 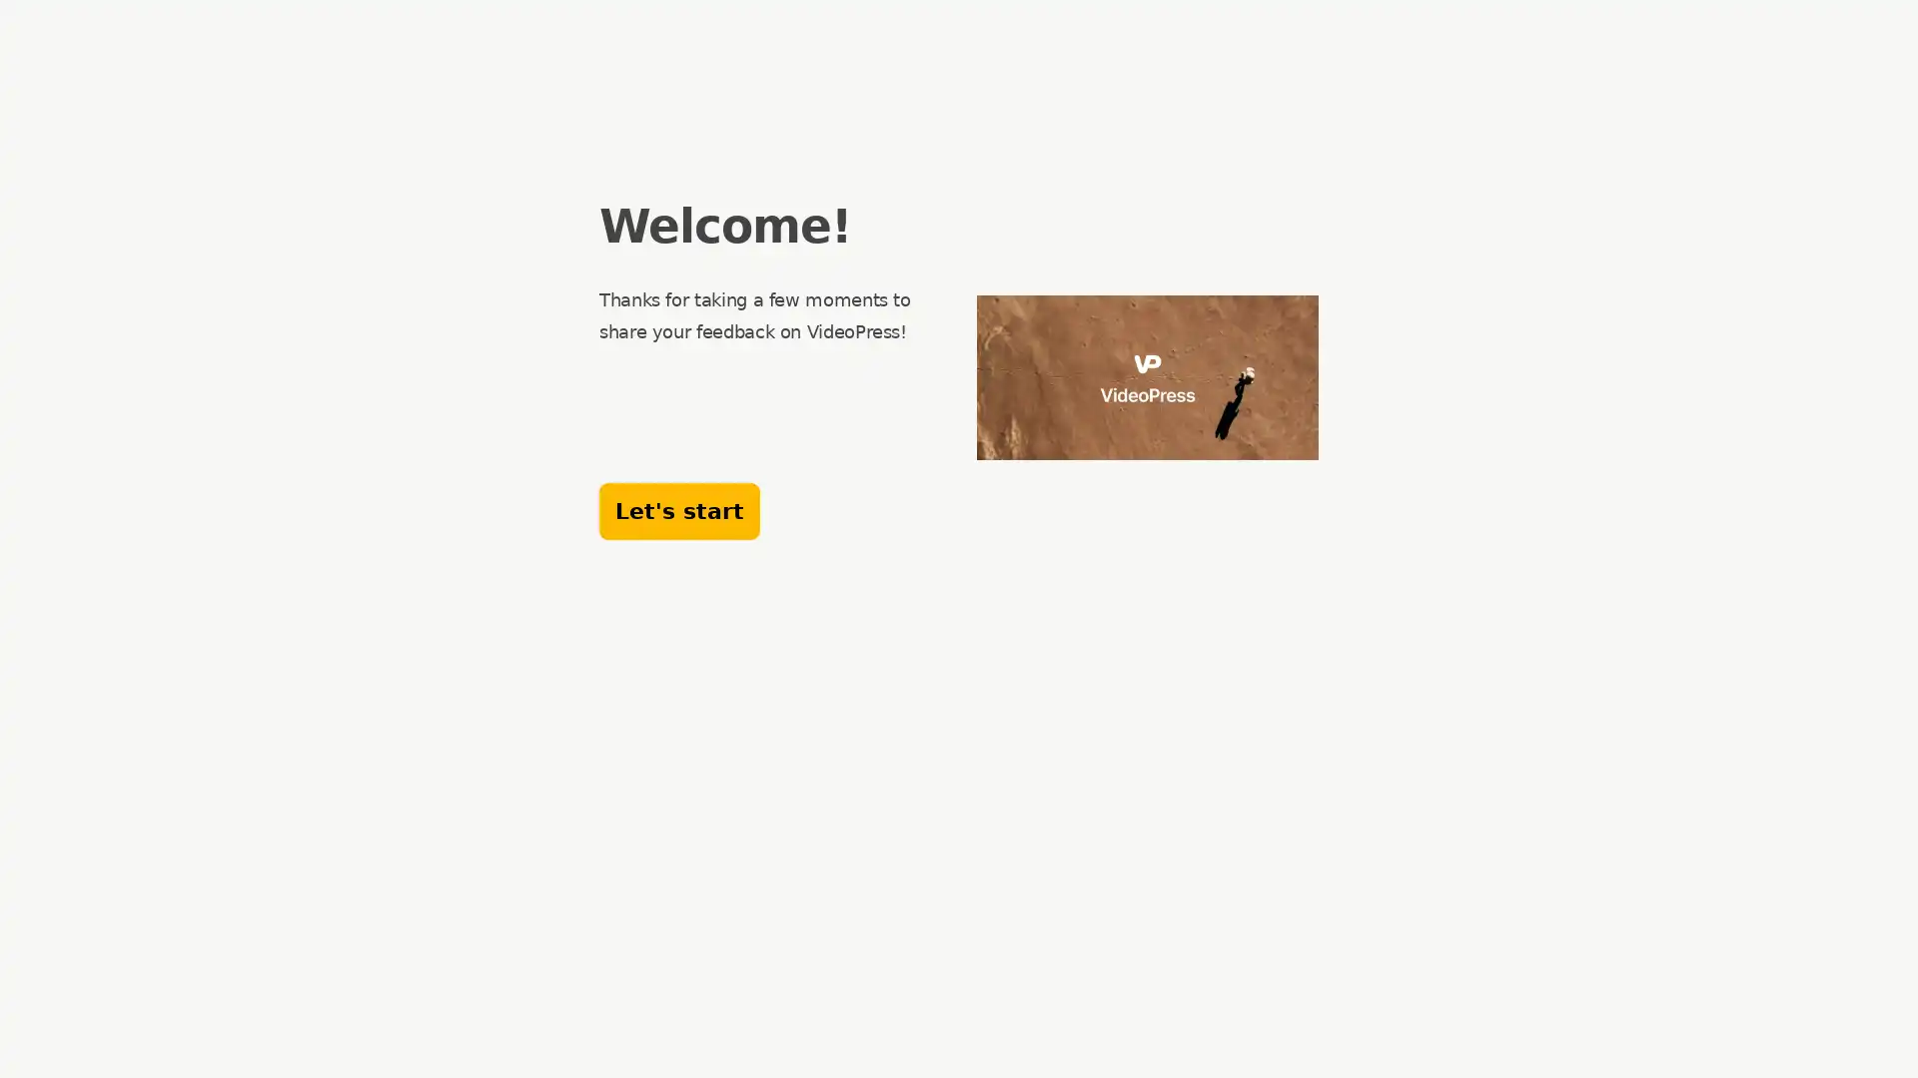 What do you see at coordinates (679, 510) in the screenshot?
I see `Let's start` at bounding box center [679, 510].